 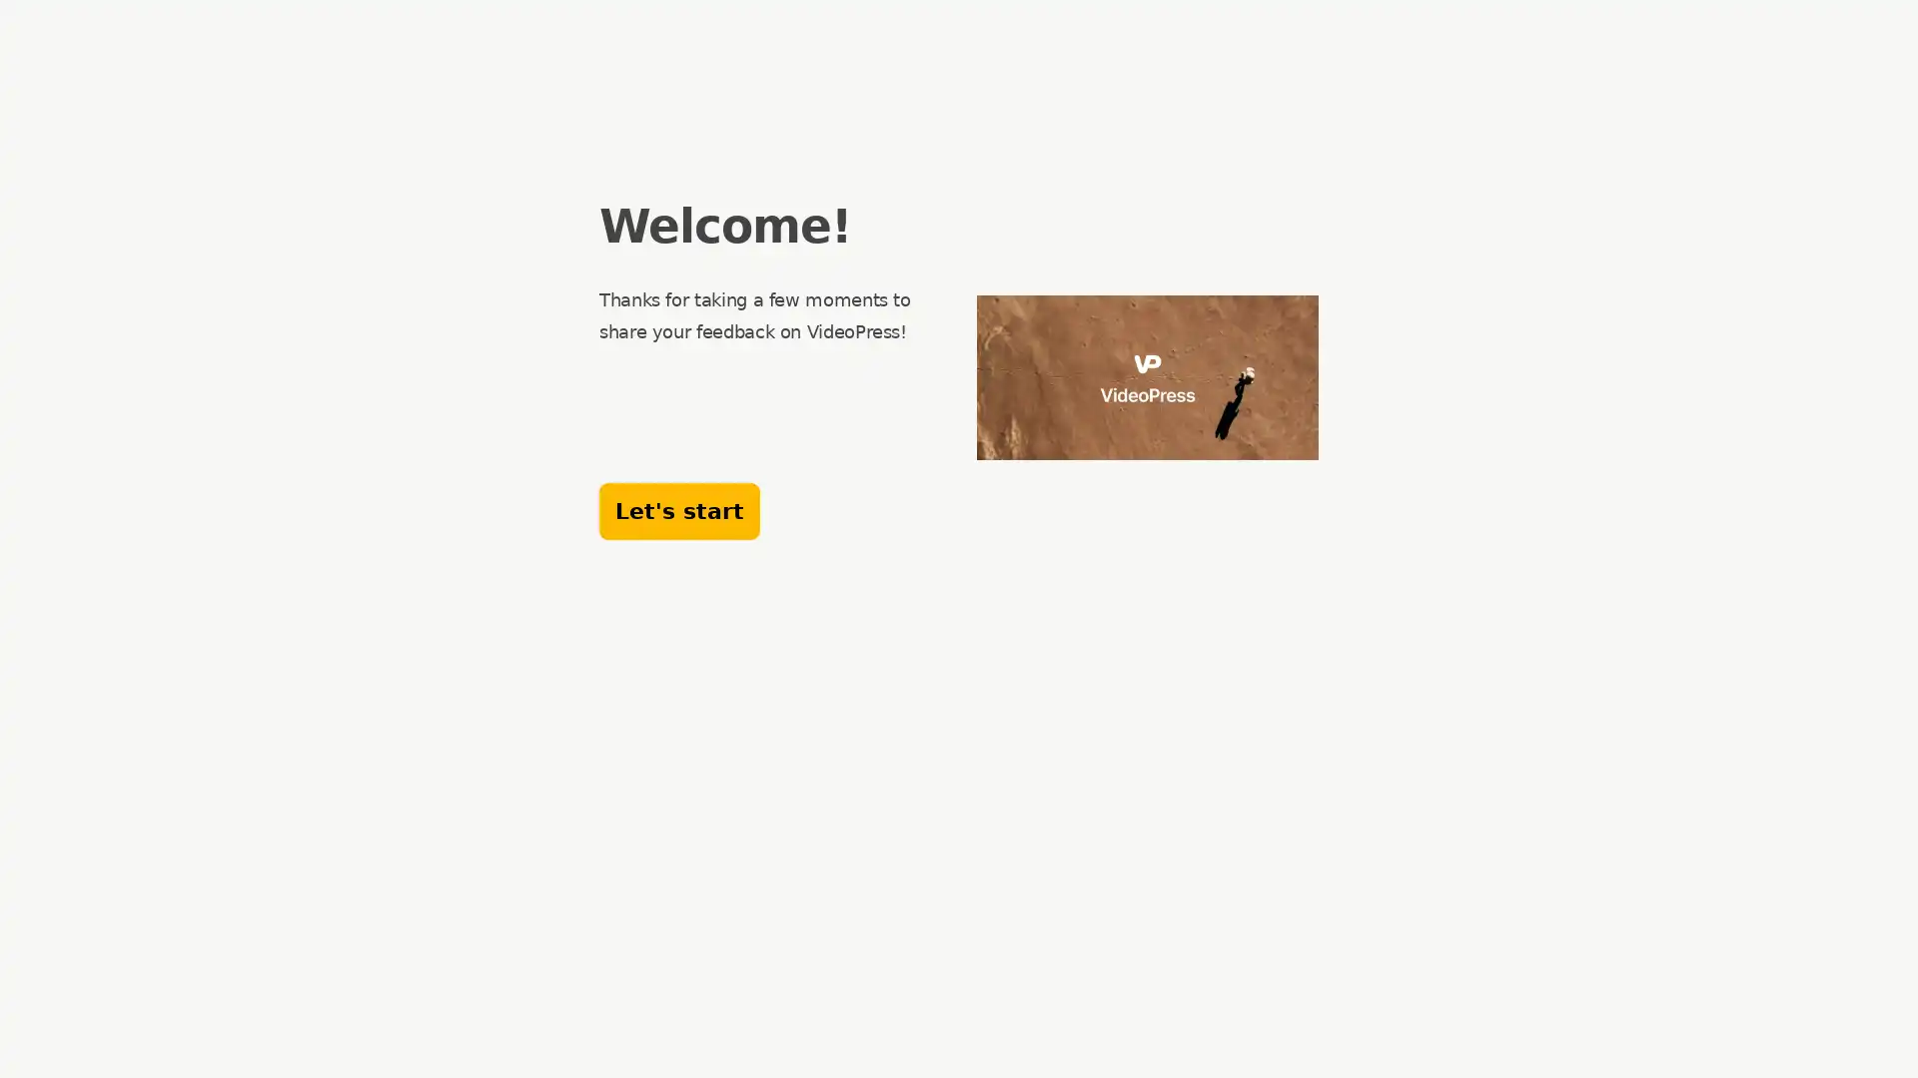 What do you see at coordinates (679, 510) in the screenshot?
I see `Let's start` at bounding box center [679, 510].